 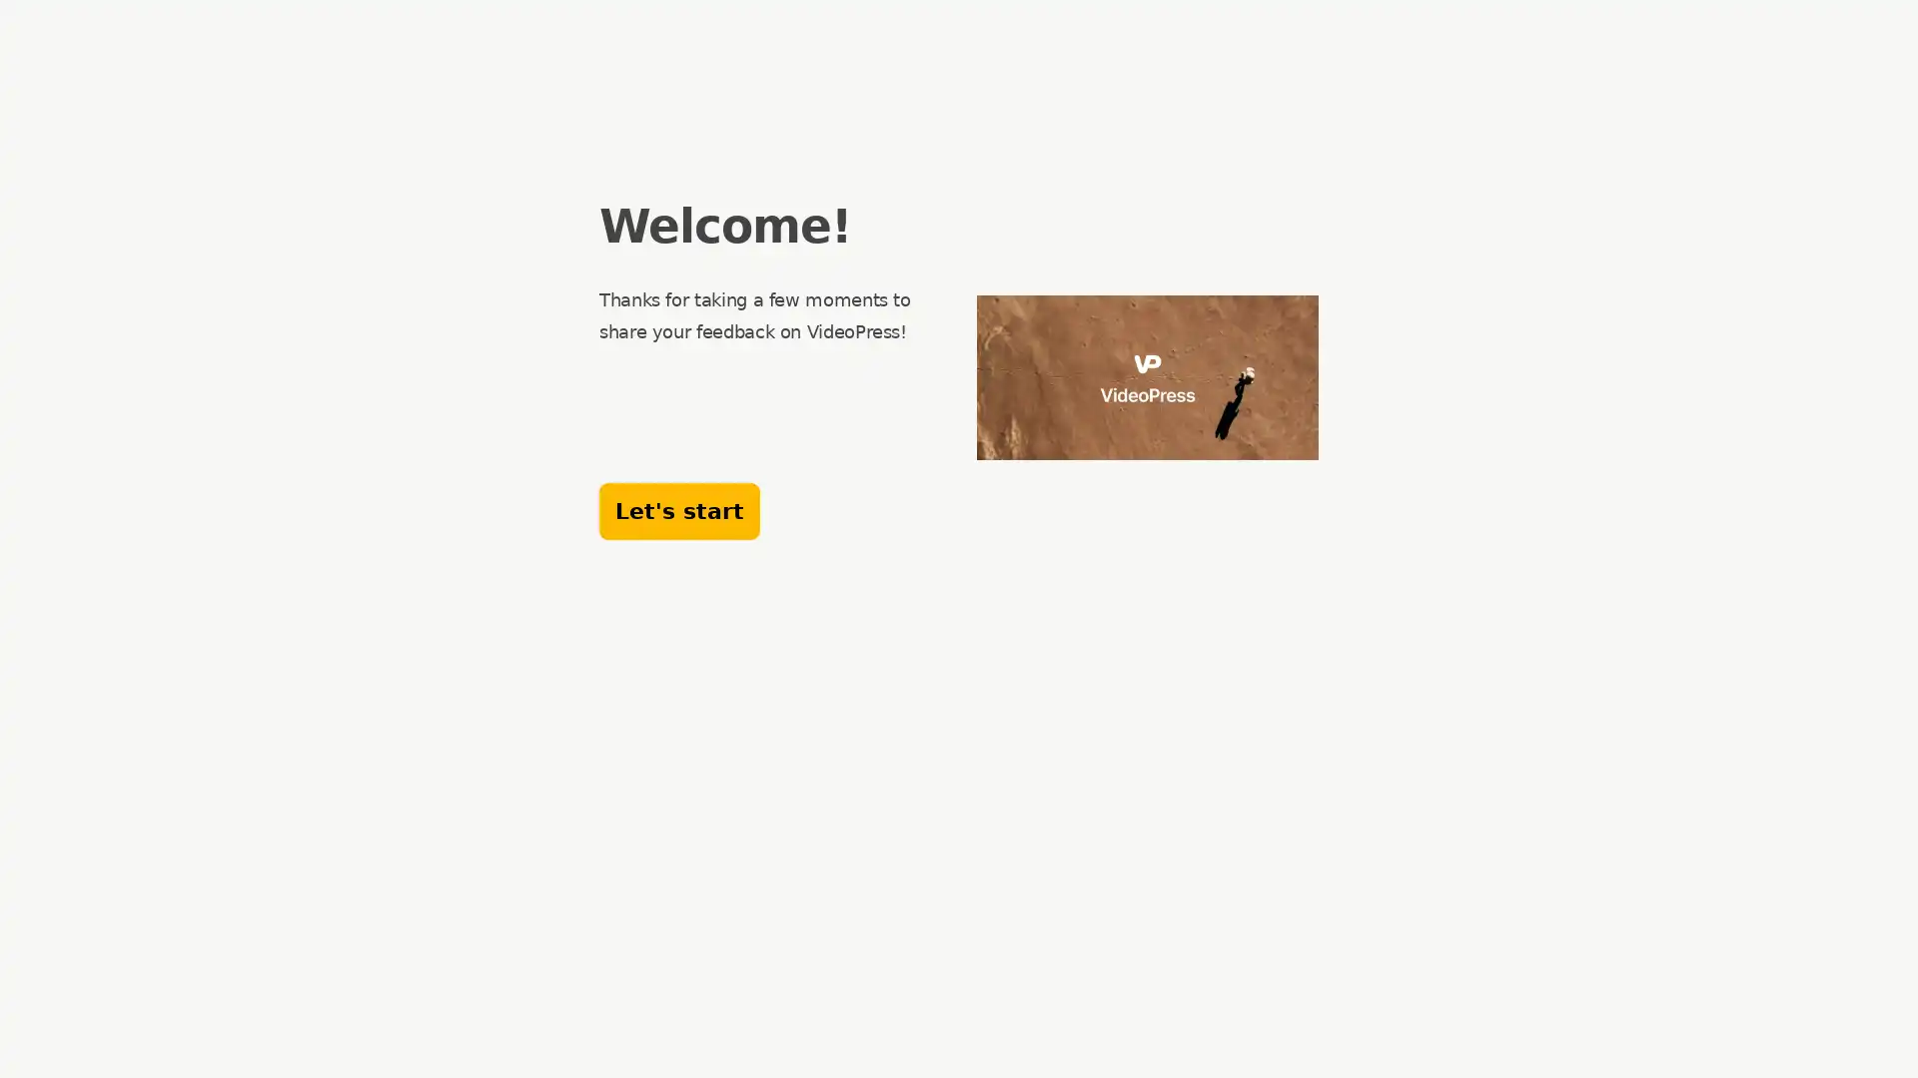 What do you see at coordinates (679, 510) in the screenshot?
I see `Let's start` at bounding box center [679, 510].